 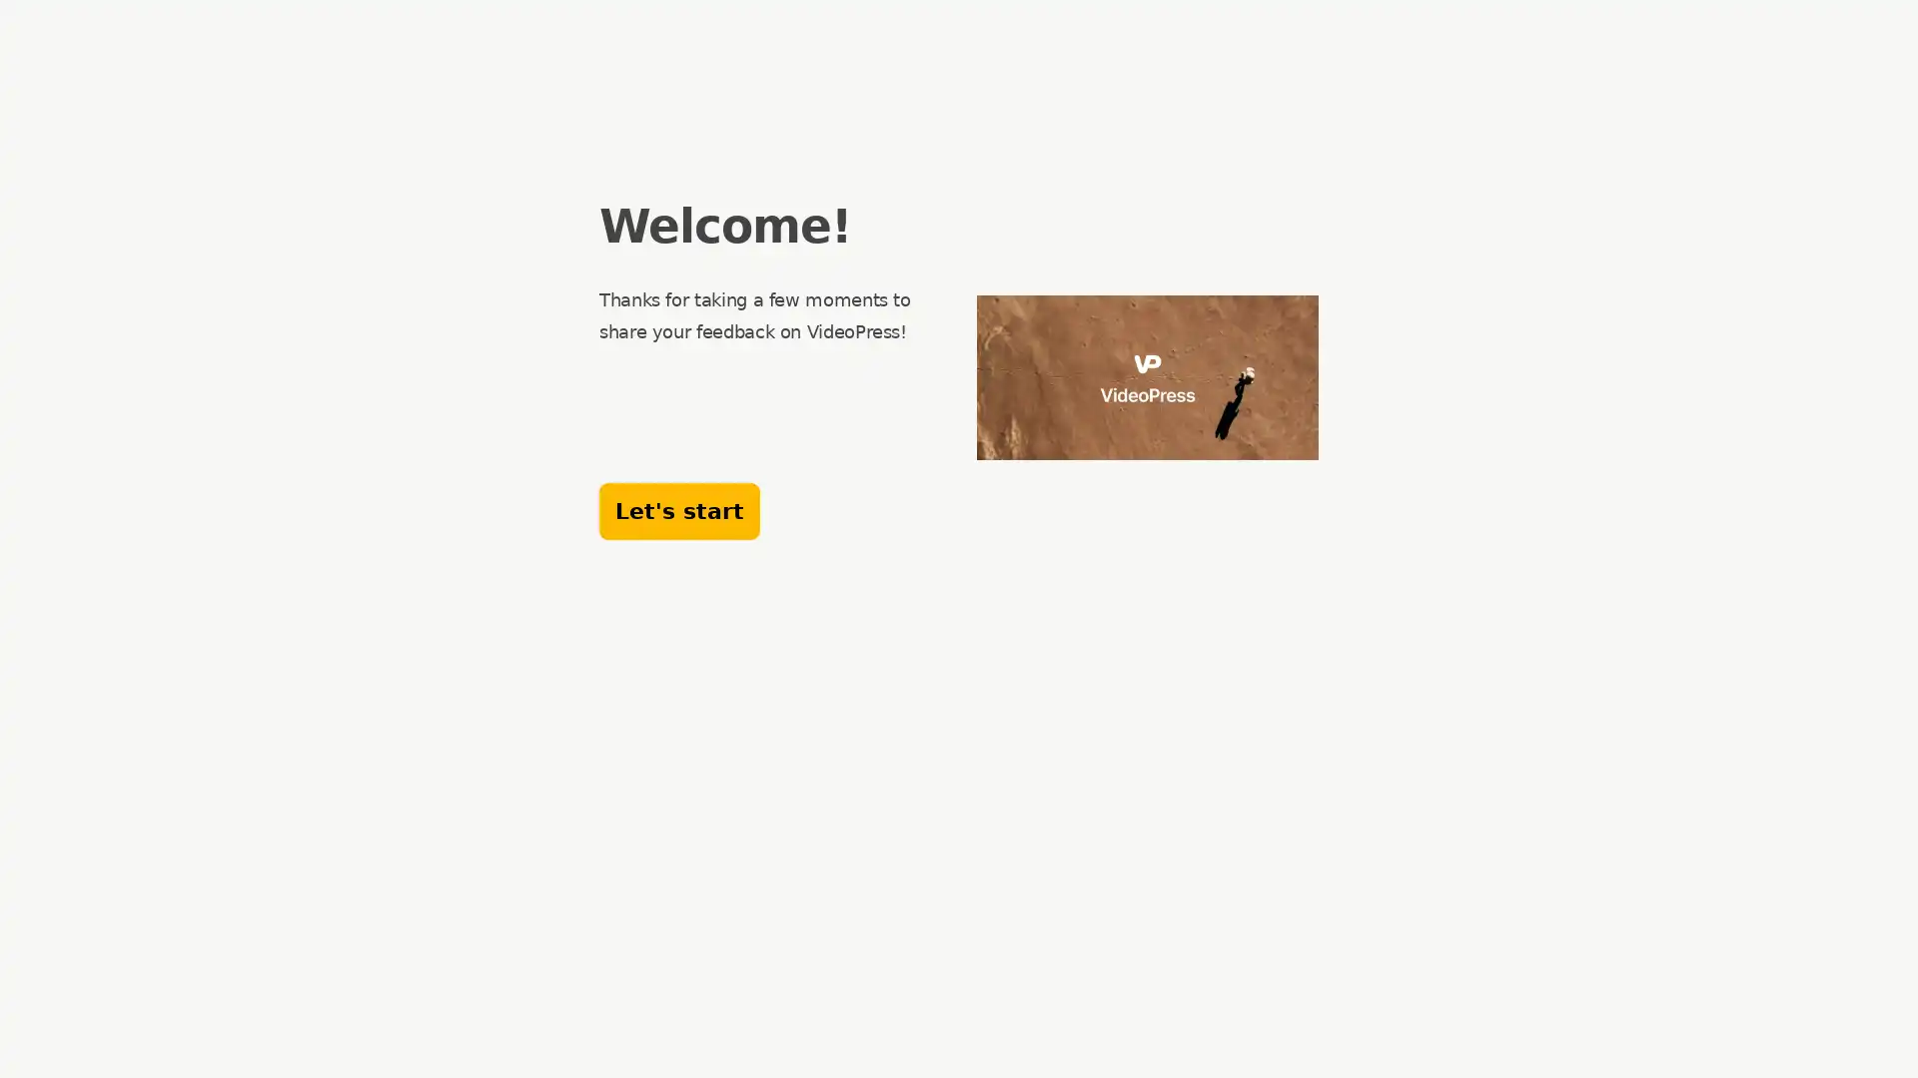 What do you see at coordinates (679, 510) in the screenshot?
I see `Let's start` at bounding box center [679, 510].